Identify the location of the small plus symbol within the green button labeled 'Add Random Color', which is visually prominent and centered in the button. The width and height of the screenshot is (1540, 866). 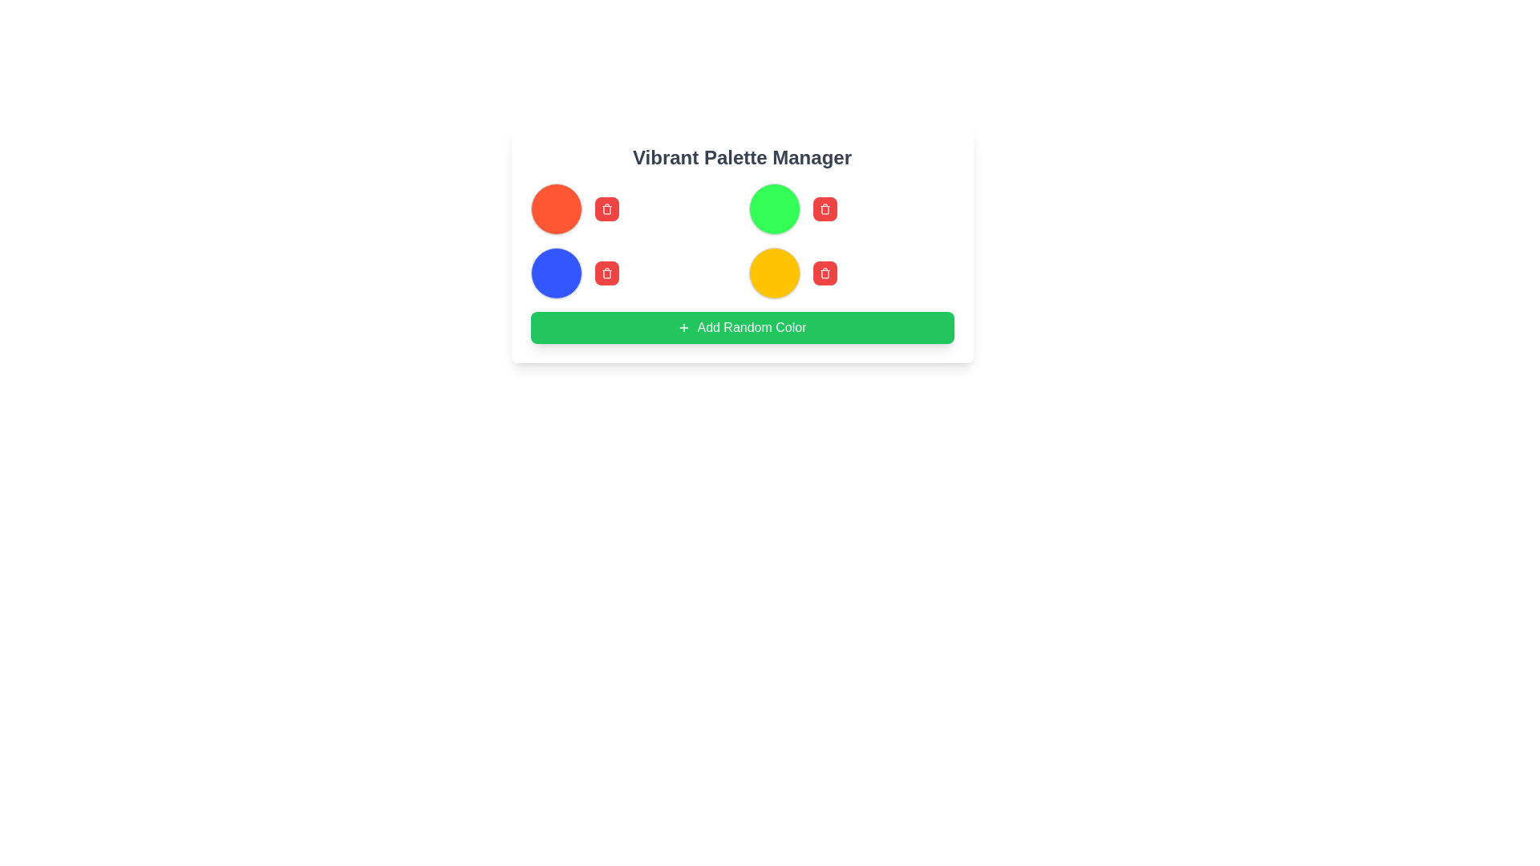
(684, 326).